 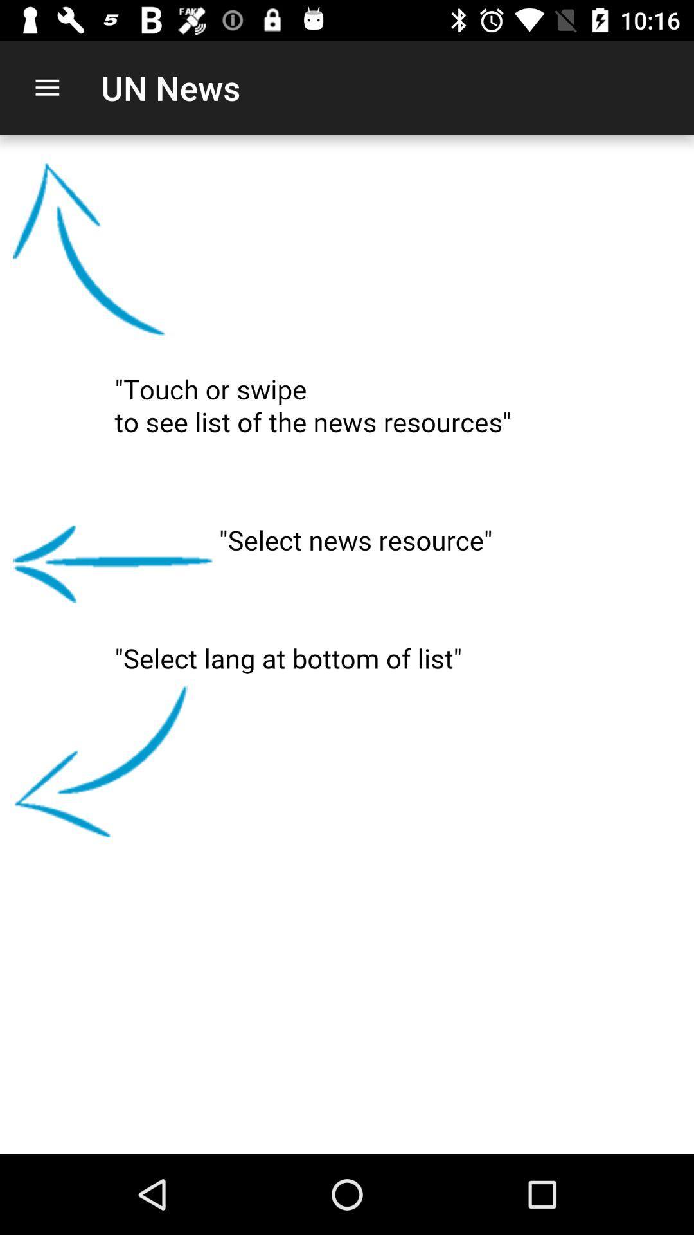 What do you see at coordinates (347, 645) in the screenshot?
I see `the item at the center` at bounding box center [347, 645].